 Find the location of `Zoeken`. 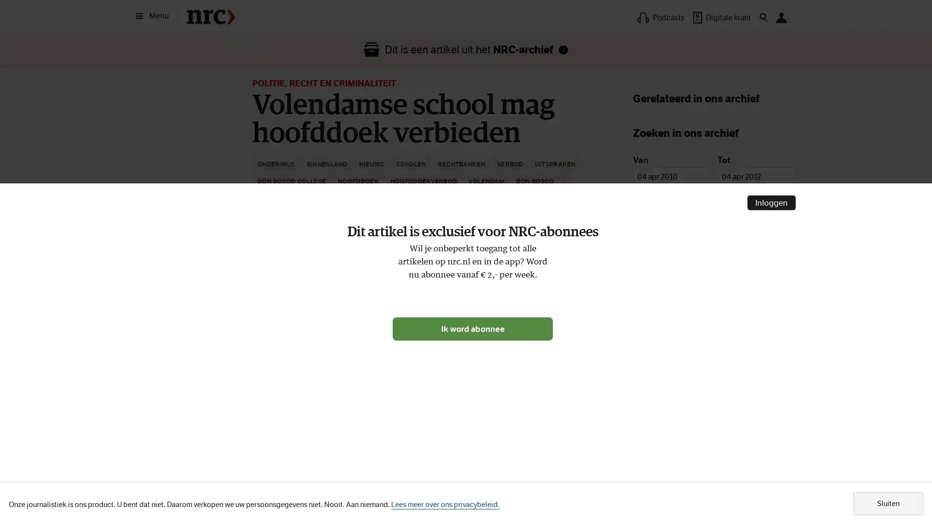

Zoeken is located at coordinates (715, 334).